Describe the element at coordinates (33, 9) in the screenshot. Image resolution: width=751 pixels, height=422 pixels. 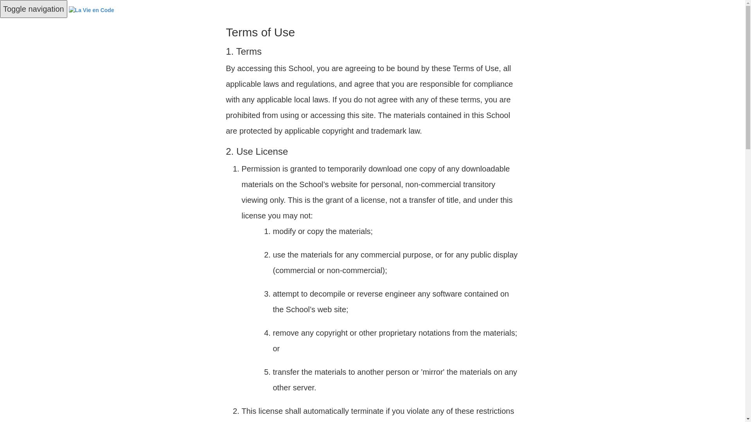
I see `'Toggle navigation'` at that location.